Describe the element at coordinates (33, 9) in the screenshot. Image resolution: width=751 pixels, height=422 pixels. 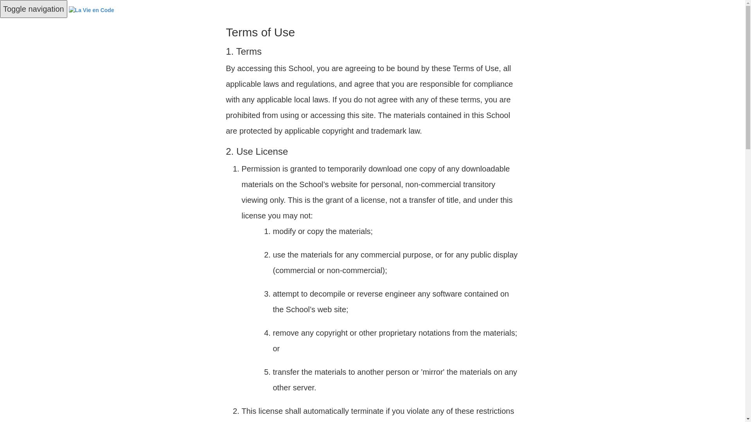
I see `'Toggle navigation'` at that location.